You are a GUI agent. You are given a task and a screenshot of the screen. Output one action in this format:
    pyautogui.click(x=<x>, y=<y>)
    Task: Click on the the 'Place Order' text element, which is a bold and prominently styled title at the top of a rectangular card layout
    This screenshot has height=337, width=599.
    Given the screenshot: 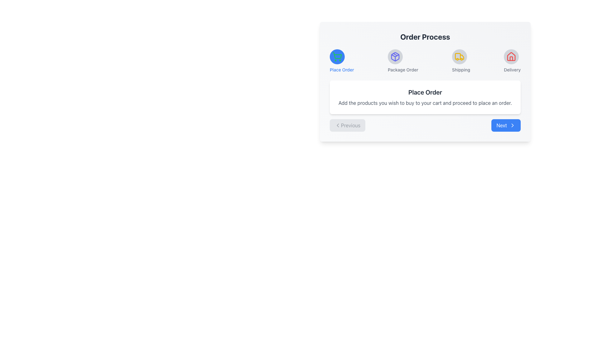 What is the action you would take?
    pyautogui.click(x=425, y=92)
    